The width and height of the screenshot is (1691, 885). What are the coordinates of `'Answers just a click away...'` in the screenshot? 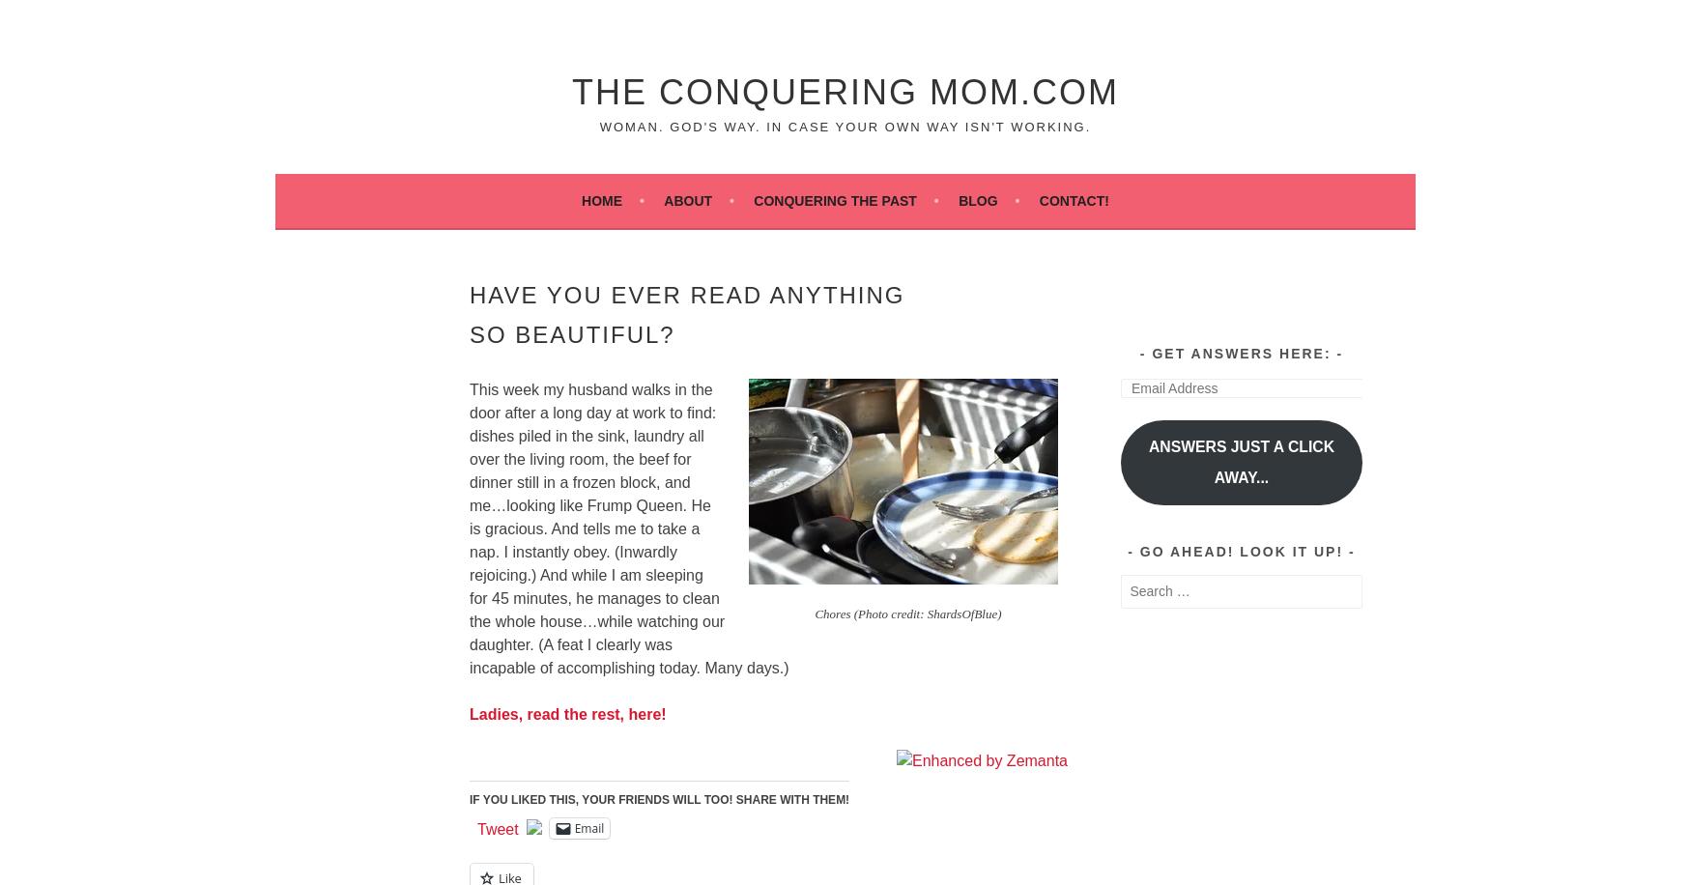 It's located at (1148, 461).